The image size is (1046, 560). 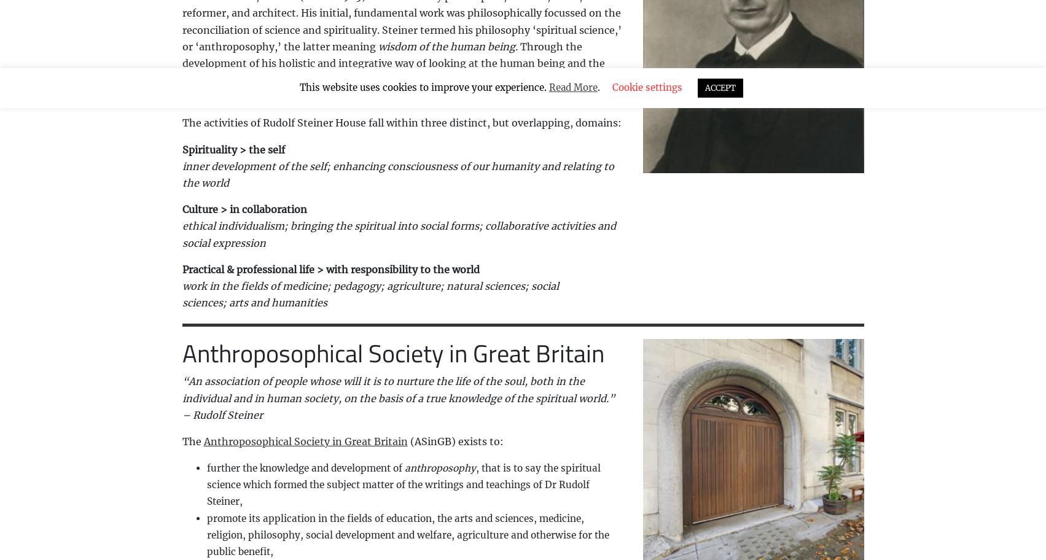 I want to click on 'promote its application in the fields of education, the arts and sciences, medicine, religion, philosophy, social development and welfare, agriculture and otherwise for the public benefit,', so click(x=407, y=534).